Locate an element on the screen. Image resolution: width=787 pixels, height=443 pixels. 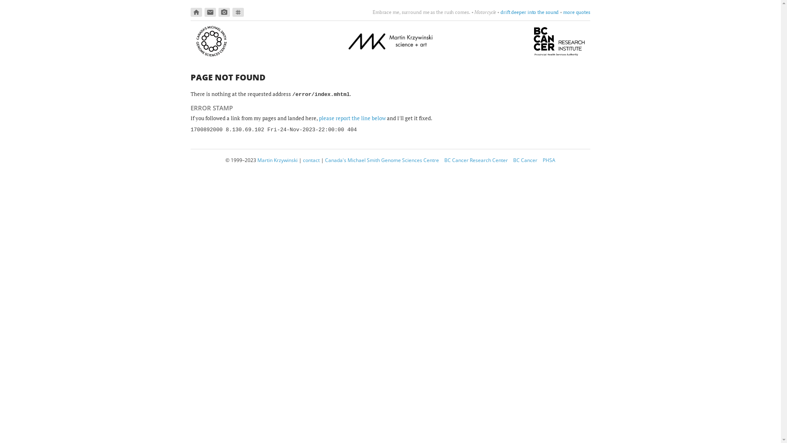
'PHSA' is located at coordinates (549, 160).